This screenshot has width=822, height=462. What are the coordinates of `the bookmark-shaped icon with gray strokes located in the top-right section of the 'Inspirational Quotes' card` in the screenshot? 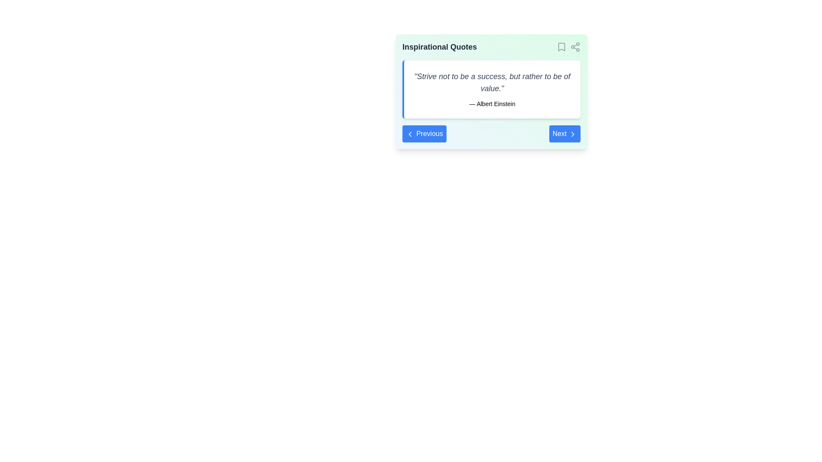 It's located at (561, 47).